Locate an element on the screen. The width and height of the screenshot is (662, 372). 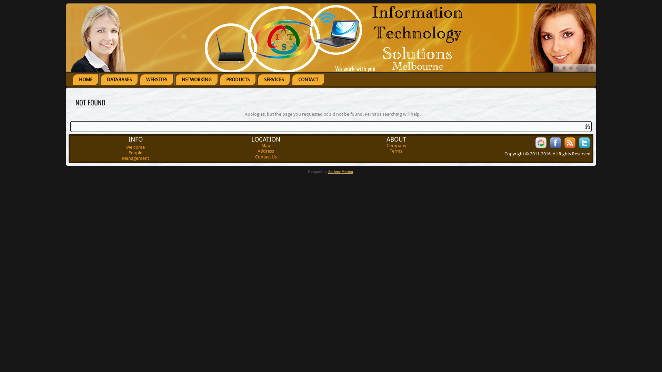
'Sanjeev Meston' is located at coordinates (341, 171).